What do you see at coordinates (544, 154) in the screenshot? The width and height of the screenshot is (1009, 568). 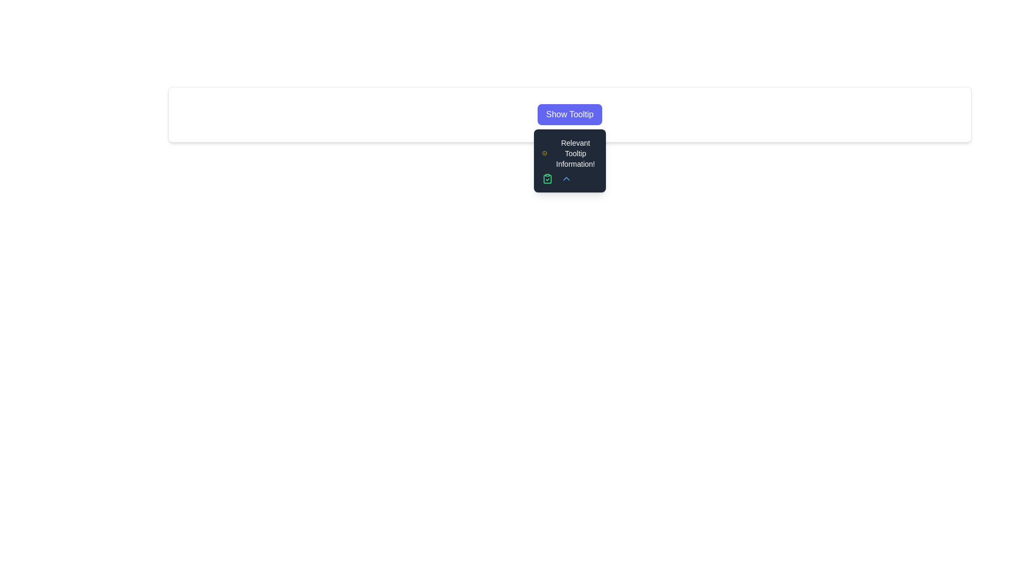 I see `the small yellow information icon located to the left of the text 'Relevant Tooltip Information!' within the tooltip box` at bounding box center [544, 154].